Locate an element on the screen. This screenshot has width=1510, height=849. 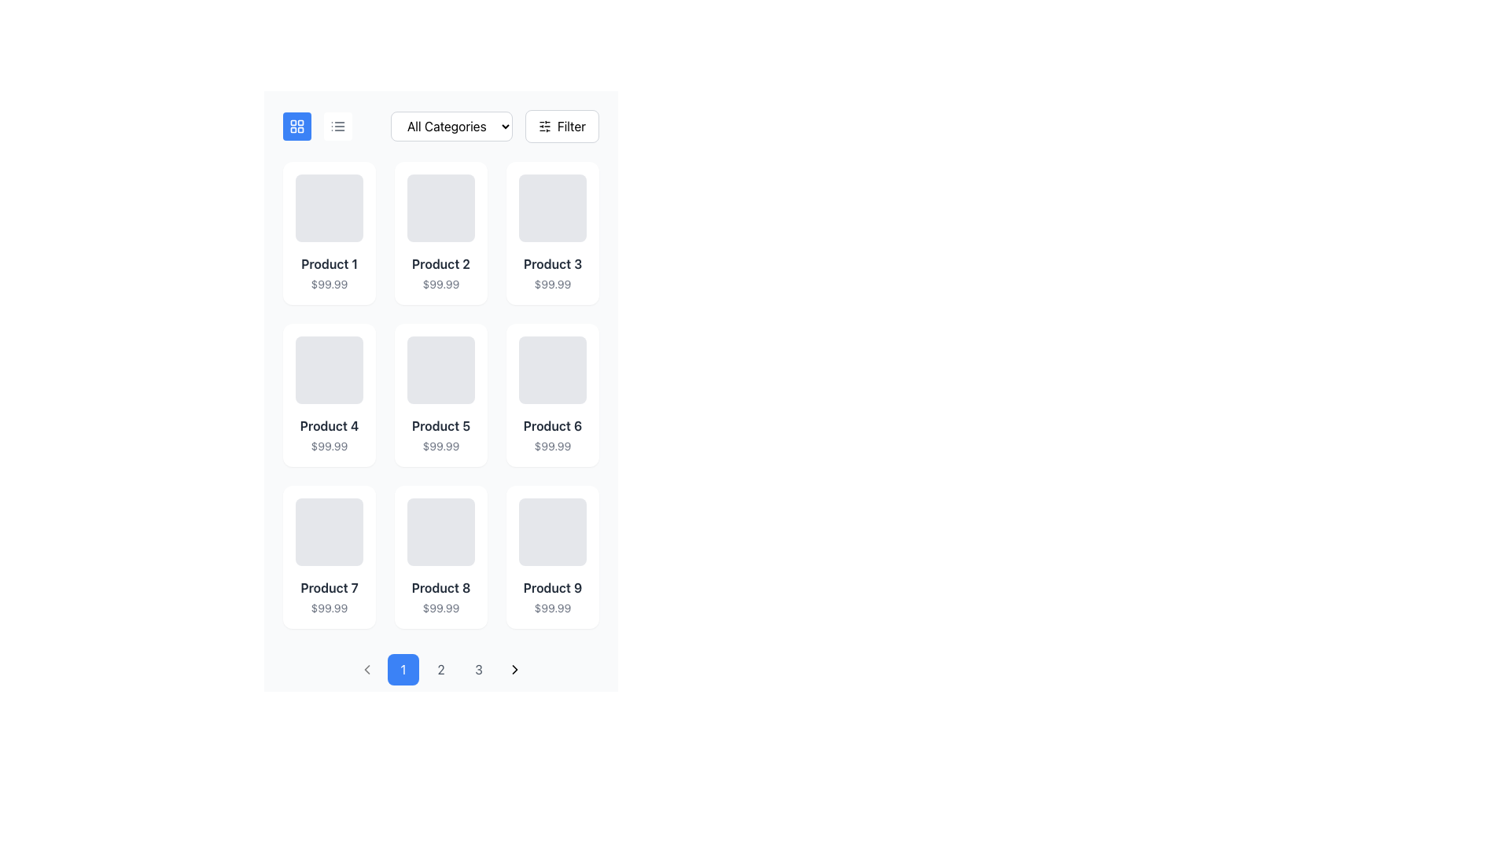
the product Card element, which displays product details and is located in the second row, third column of the grid layout is located at coordinates (552, 394).